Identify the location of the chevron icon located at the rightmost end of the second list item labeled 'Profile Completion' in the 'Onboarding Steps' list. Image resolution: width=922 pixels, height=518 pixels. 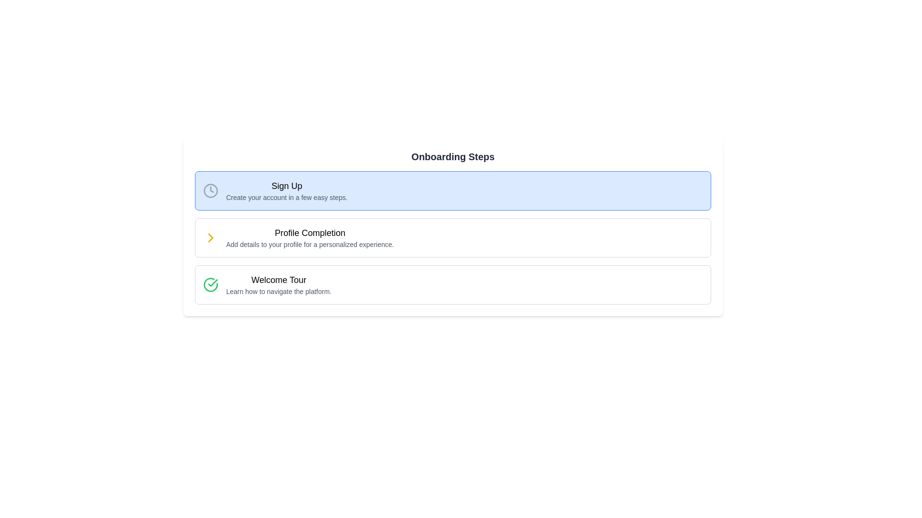
(210, 237).